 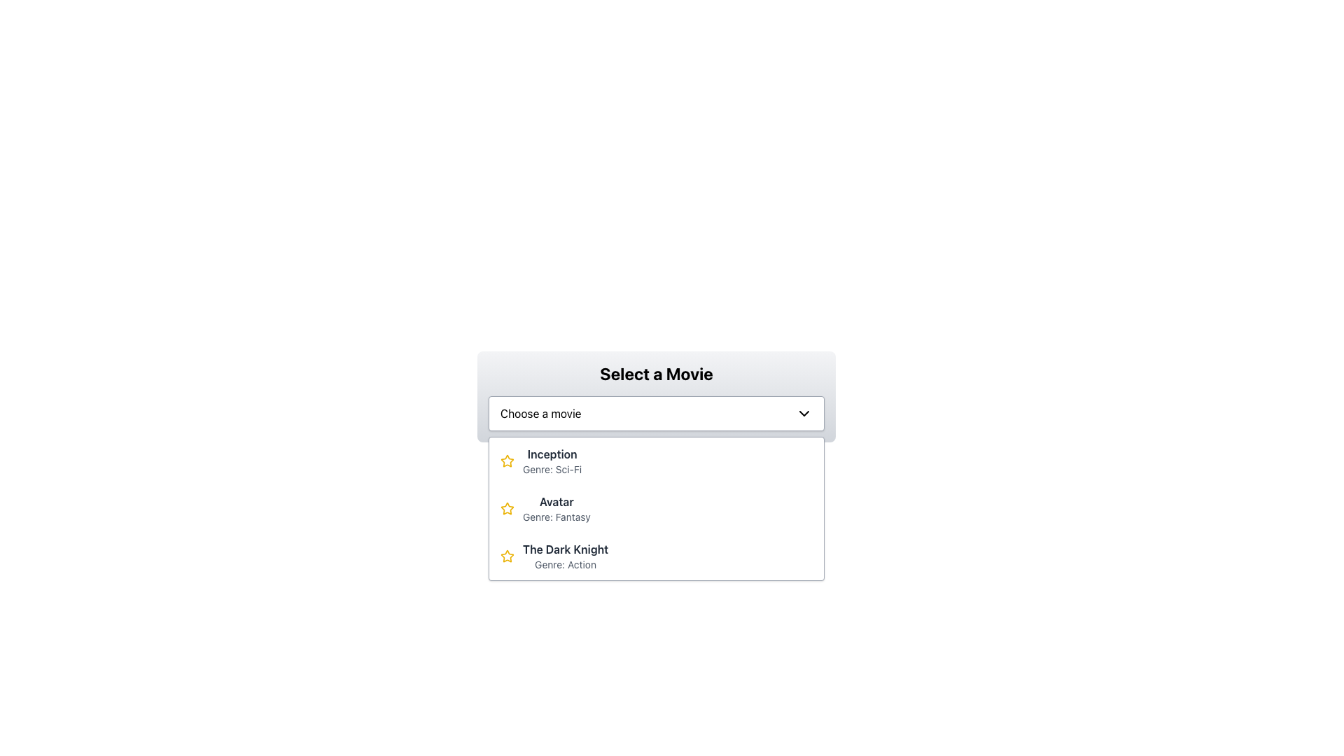 I want to click on the text label displaying 'Genre: Fantasy' located directly below the title 'Avatar' in the movie selection dropdown, so click(x=556, y=517).